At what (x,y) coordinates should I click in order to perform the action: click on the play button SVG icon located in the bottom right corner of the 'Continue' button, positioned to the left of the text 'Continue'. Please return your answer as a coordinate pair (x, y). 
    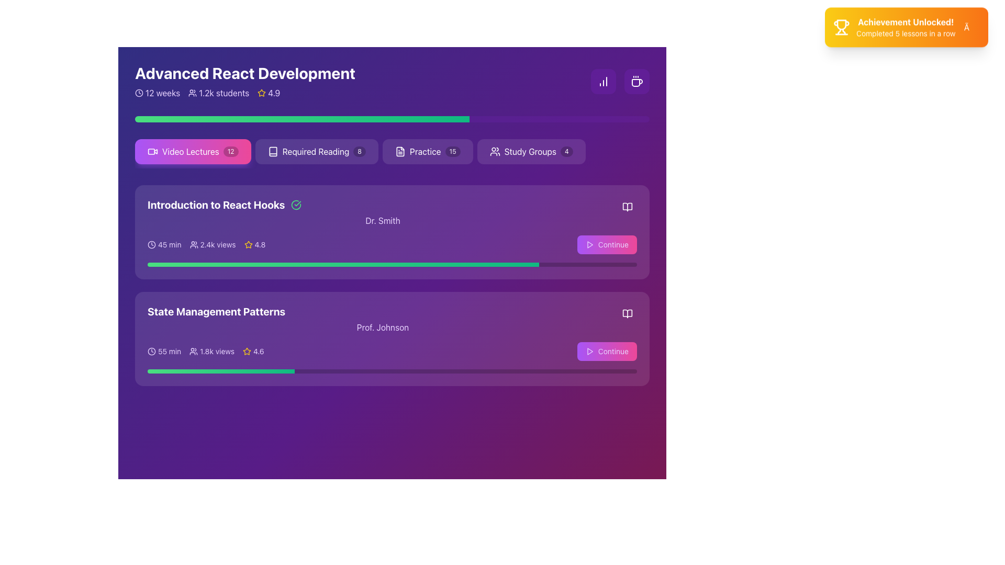
    Looking at the image, I should click on (589, 244).